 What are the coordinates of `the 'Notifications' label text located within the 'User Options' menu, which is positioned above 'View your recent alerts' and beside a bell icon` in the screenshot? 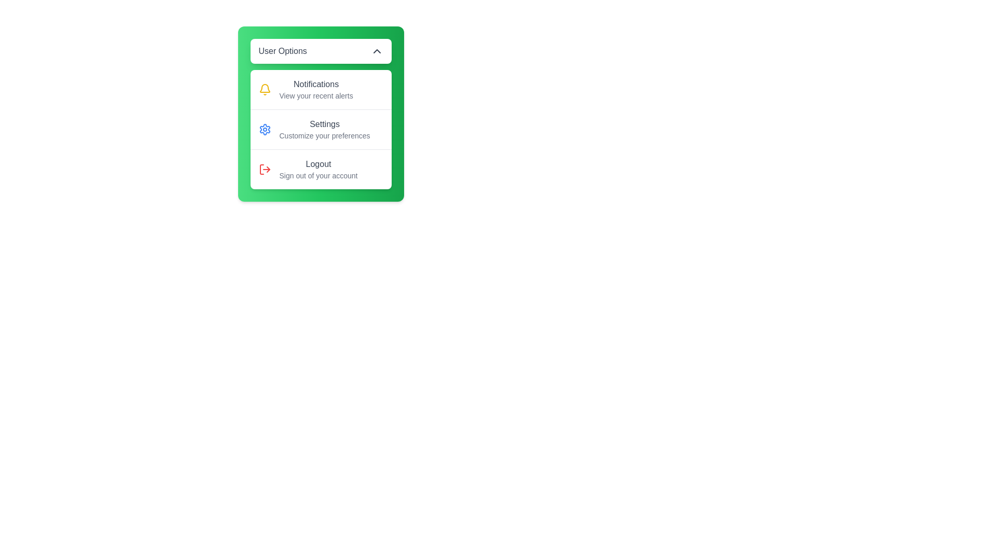 It's located at (315, 83).